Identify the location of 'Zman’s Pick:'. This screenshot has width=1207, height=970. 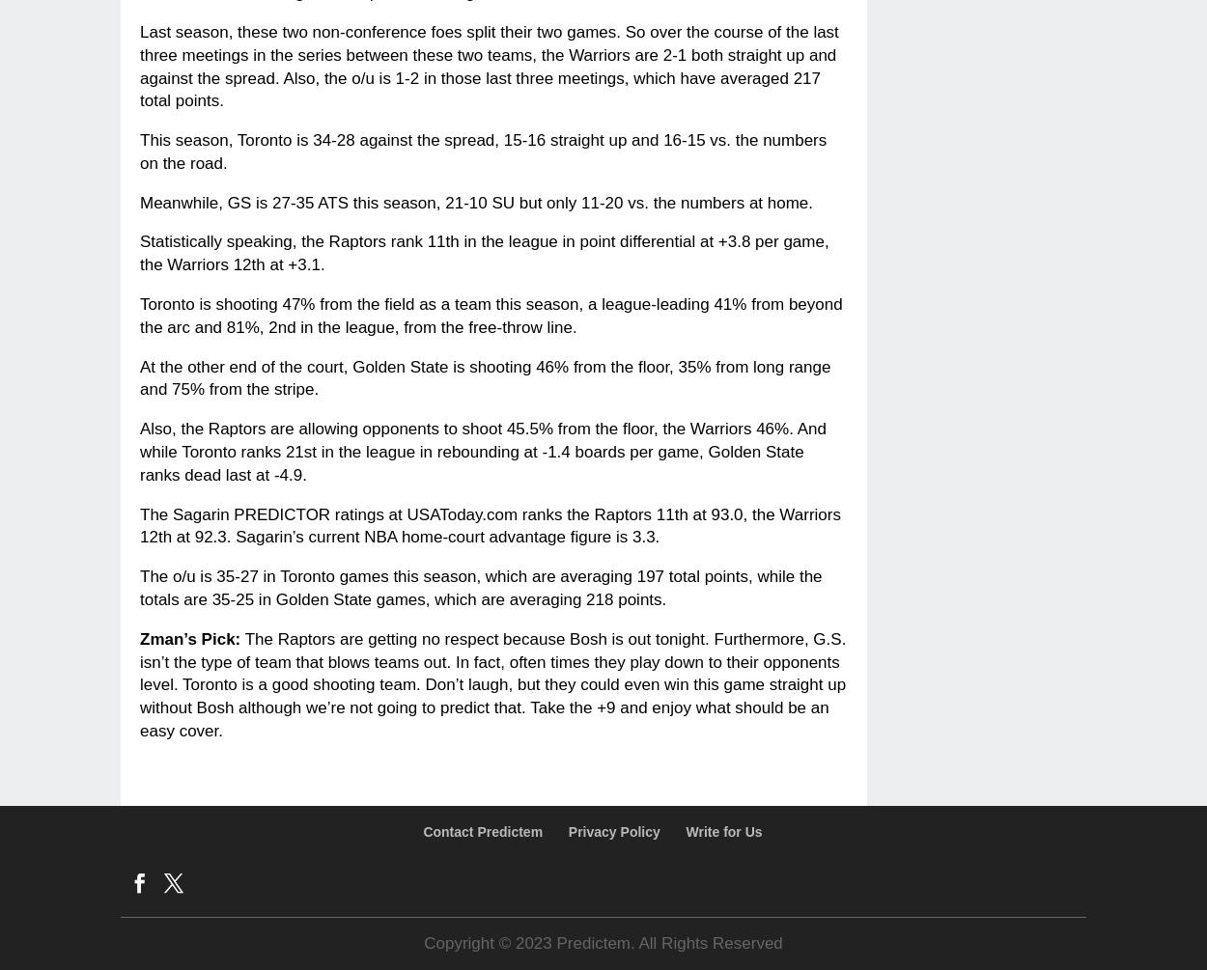
(189, 637).